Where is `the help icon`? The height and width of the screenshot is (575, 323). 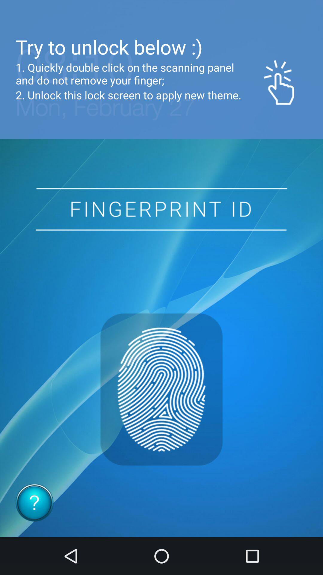
the help icon is located at coordinates (34, 503).